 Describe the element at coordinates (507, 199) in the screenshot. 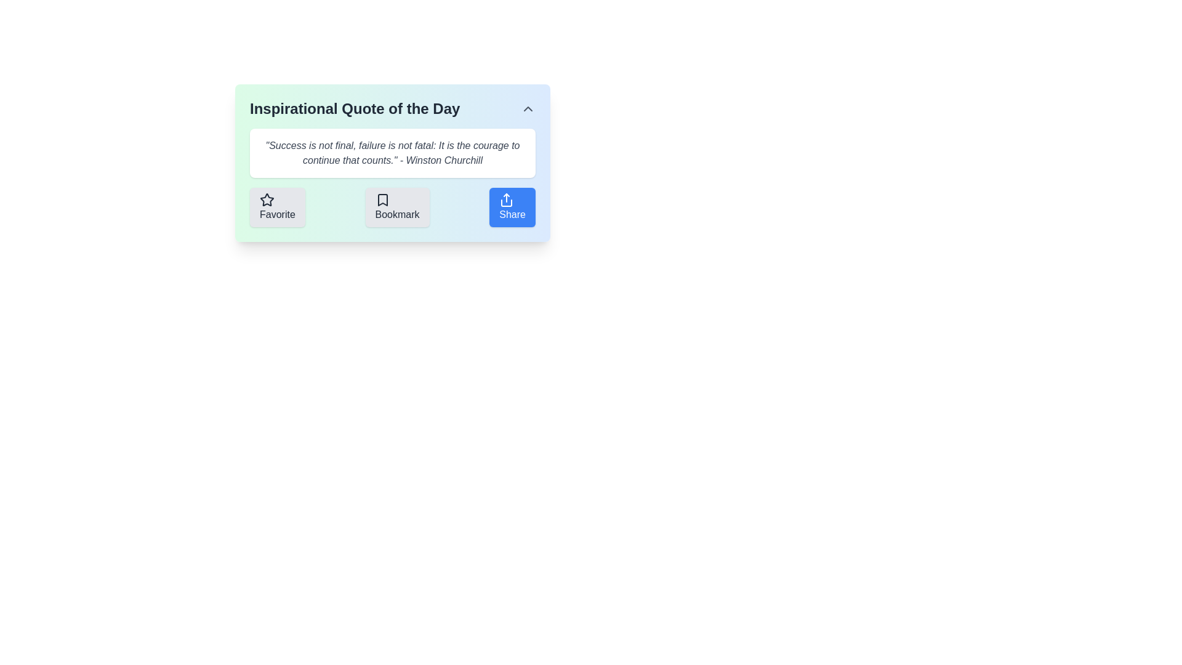

I see `the 'Share' icon located in the bottom-right corner of the section that contains a quote and two buttons labeled 'Favorite' and 'Bookmark'` at that location.